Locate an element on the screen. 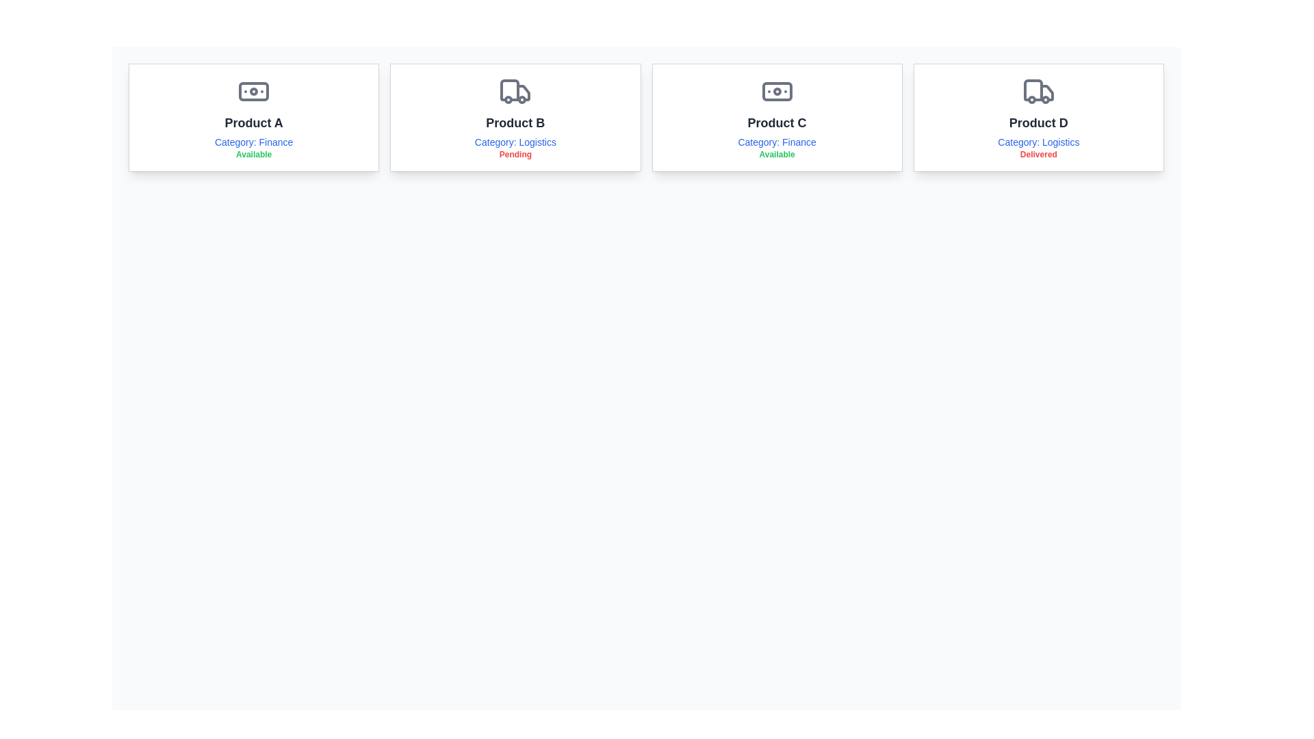 This screenshot has width=1314, height=739. the truck icon located at the top-center of the 'Product B' card, which includes the subtext 'Category: Logistics' and the status 'Pending' is located at coordinates (515, 92).